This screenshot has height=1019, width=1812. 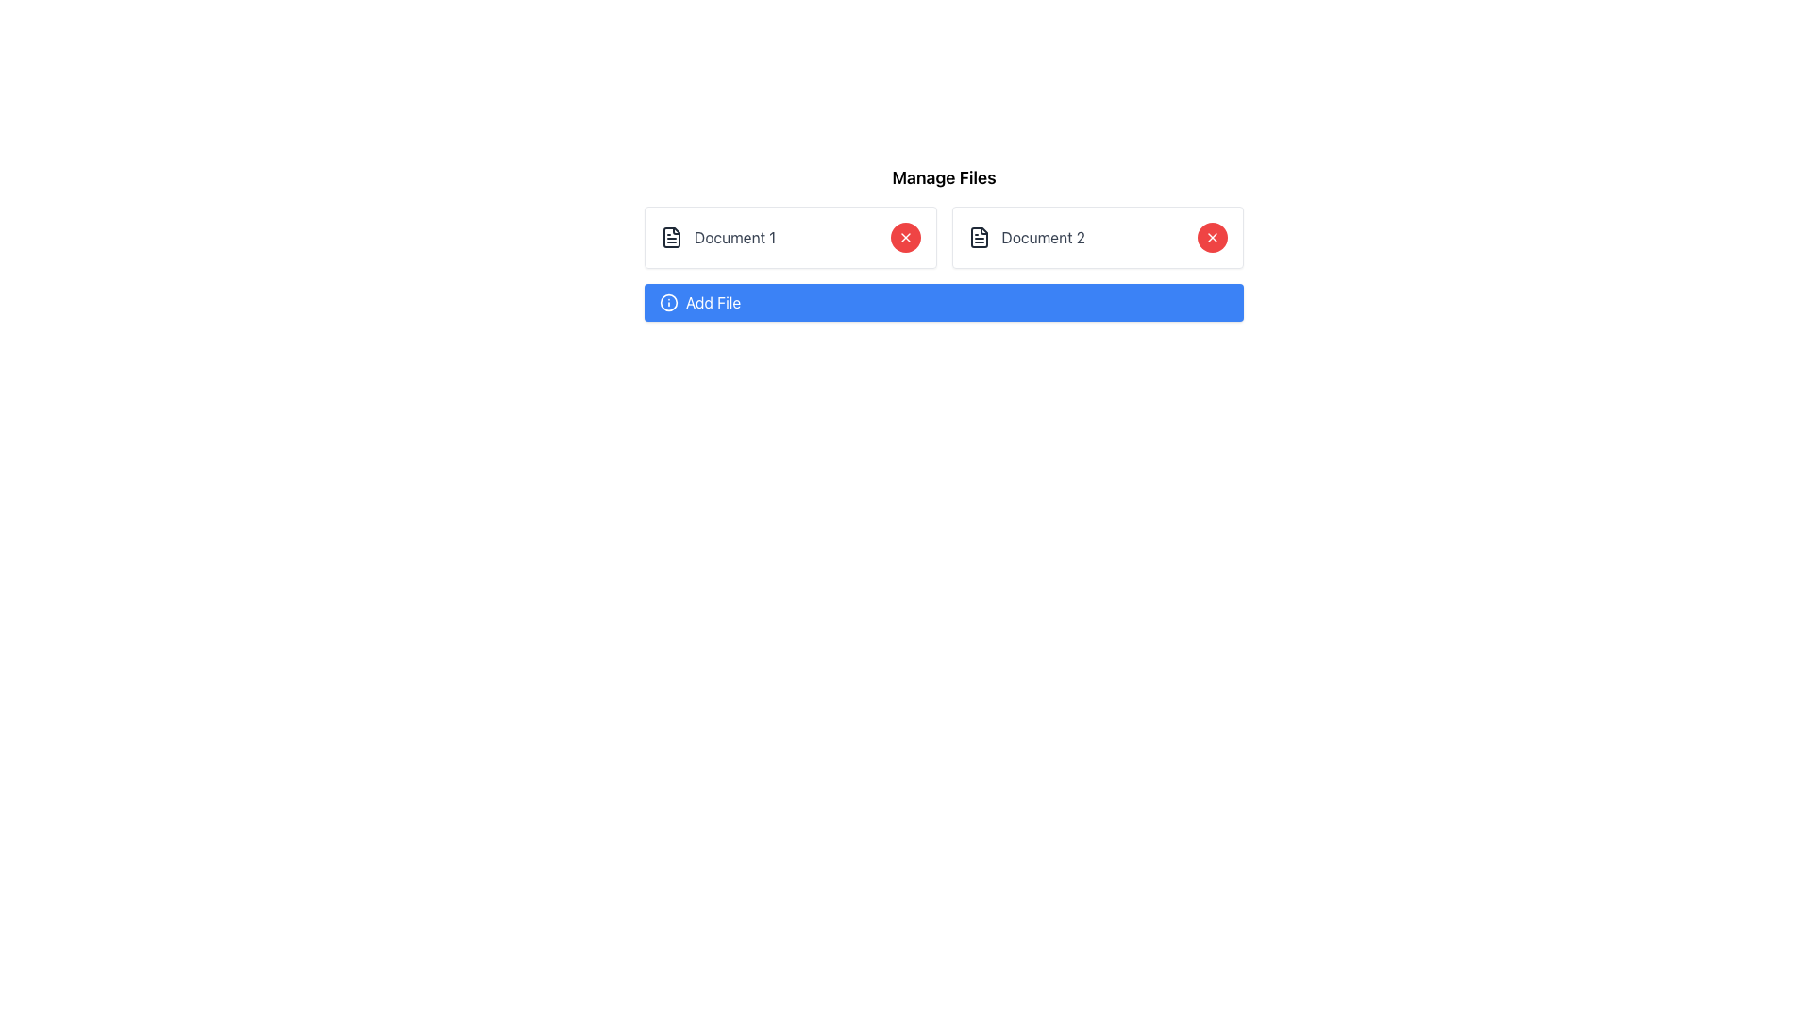 I want to click on the information icon located at the leftmost position of the 'Add File' button, which features a blue outlined circular design with a dot in the middle, so click(x=669, y=301).